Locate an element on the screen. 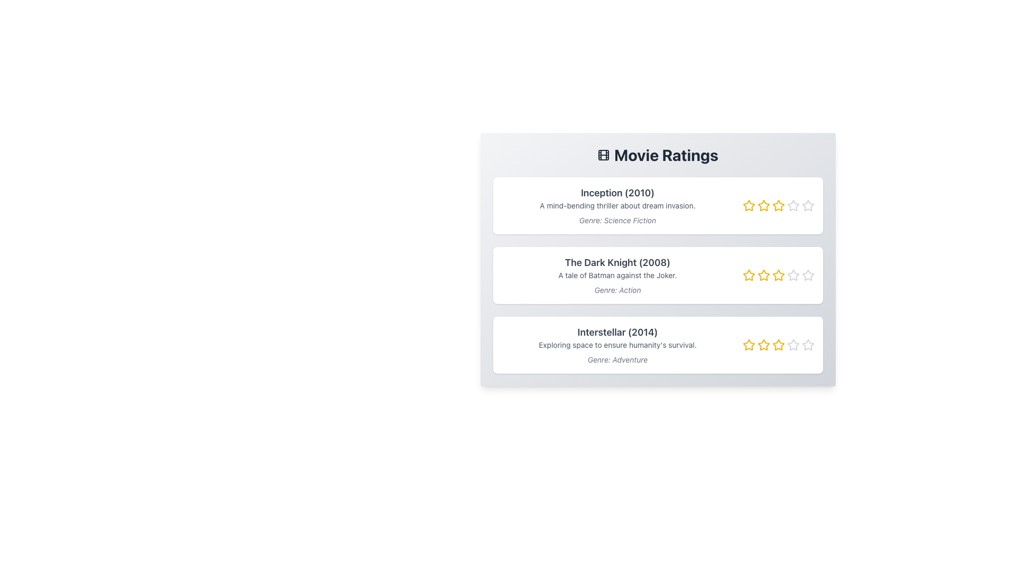 Image resolution: width=1015 pixels, height=570 pixels. the first star icon in the rating section for 'Interstellar (2014)' to indicate the first level of the rating scale is located at coordinates (763, 345).